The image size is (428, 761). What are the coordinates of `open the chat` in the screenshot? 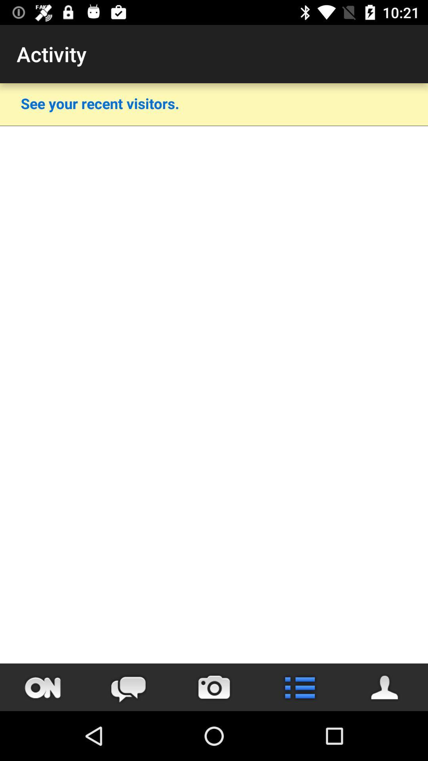 It's located at (128, 687).